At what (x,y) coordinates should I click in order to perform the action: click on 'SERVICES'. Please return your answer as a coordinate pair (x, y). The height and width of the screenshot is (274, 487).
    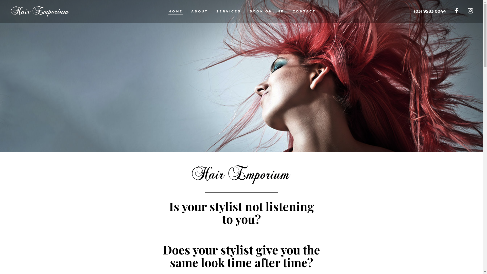
    Looking at the image, I should click on (228, 11).